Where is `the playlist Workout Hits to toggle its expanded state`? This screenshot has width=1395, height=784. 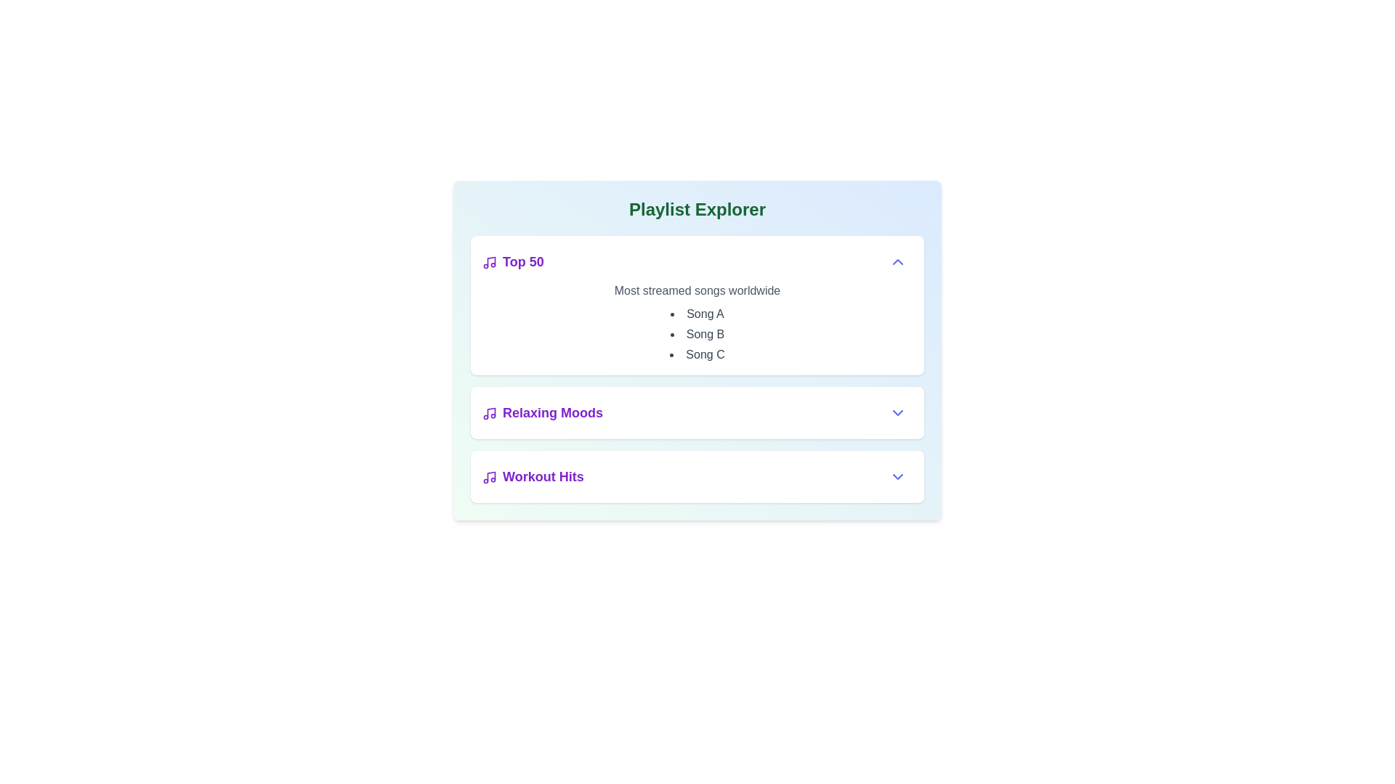
the playlist Workout Hits to toggle its expanded state is located at coordinates (532, 476).